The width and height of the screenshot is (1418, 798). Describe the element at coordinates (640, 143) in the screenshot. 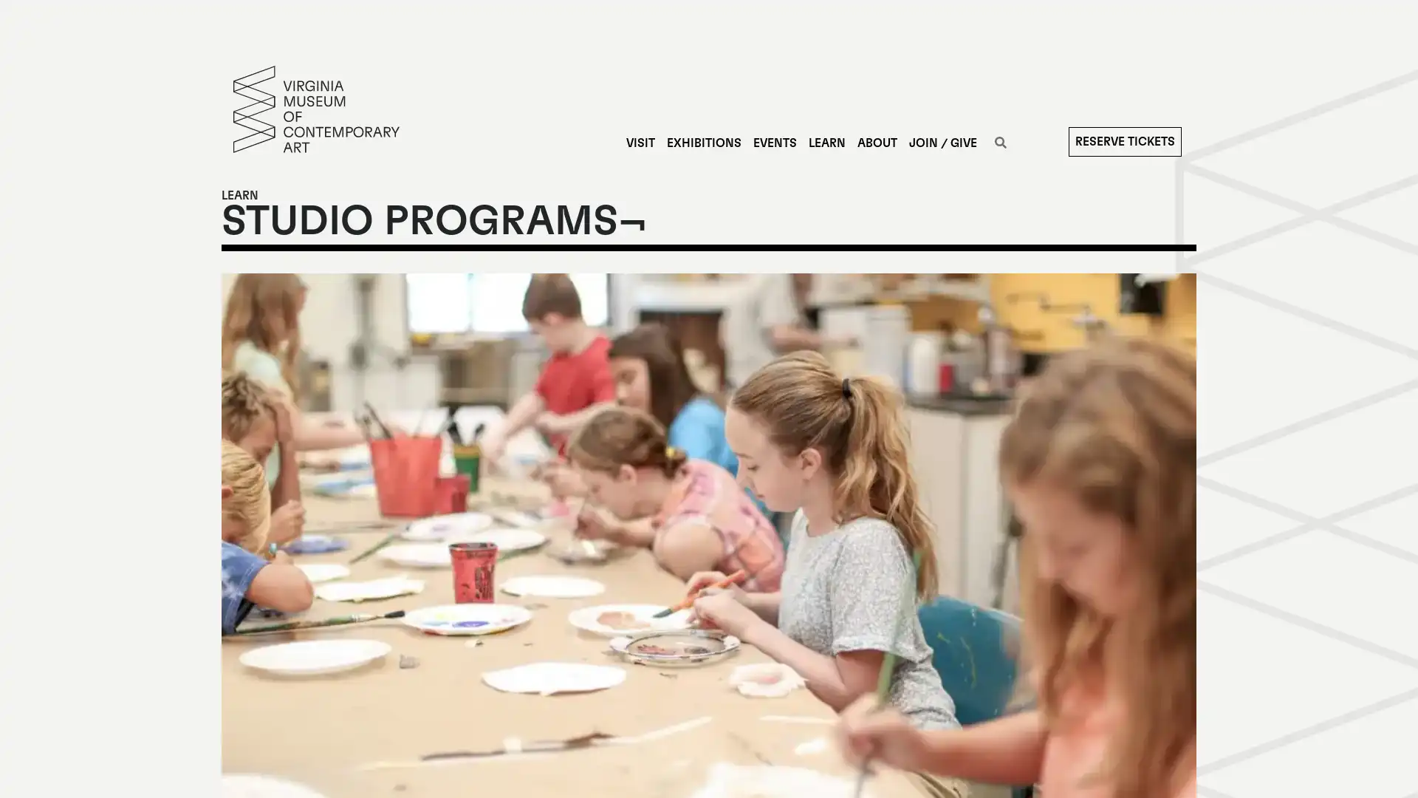

I see `VISIT` at that location.